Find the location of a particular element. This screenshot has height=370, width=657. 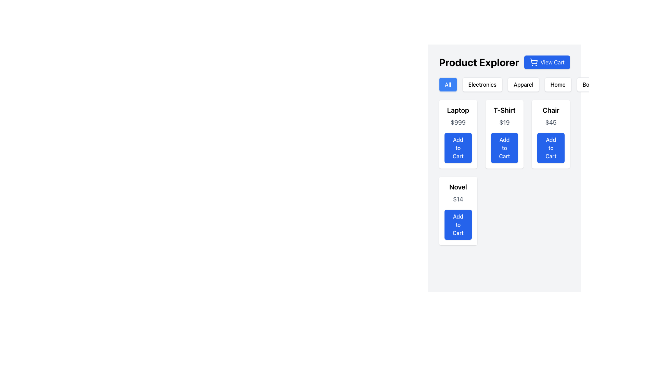

the pricing information text label displaying '$45', which is centrally positioned below the header 'Chair' and above the 'Add to Cart' button is located at coordinates (551, 122).